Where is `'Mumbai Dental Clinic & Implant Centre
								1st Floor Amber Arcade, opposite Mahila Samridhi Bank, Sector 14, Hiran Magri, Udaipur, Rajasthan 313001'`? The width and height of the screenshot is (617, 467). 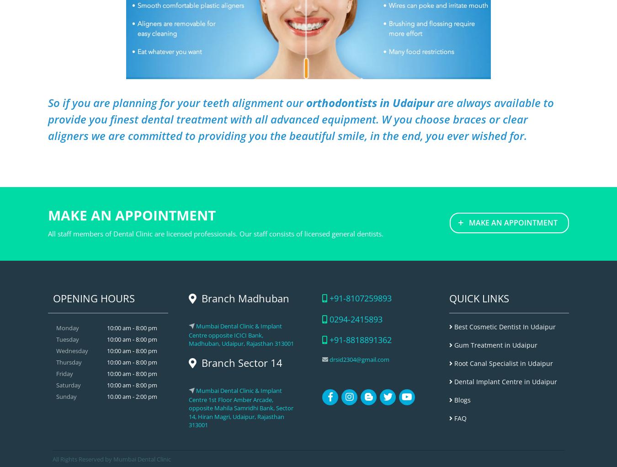 'Mumbai Dental Clinic & Implant Centre
								1st Floor Amber Arcade, opposite Mahila Samridhi Bank, Sector 14, Hiran Magri, Udaipur, Rajasthan 313001' is located at coordinates (240, 407).